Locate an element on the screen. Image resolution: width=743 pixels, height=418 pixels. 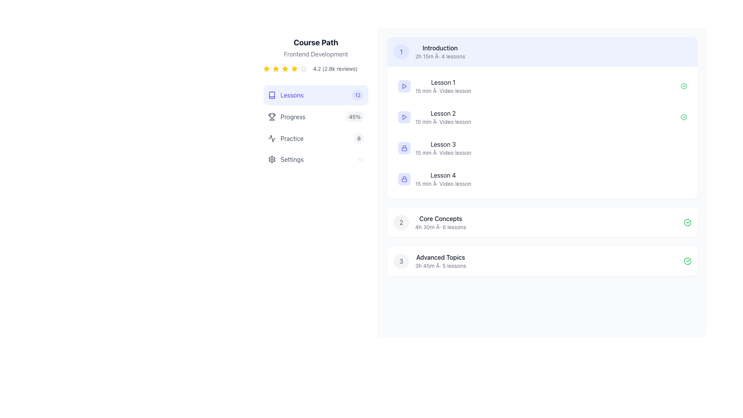
the static text element that summarizes the duration and count of lessons in the 'Advanced Topics' module, located directly below the section title is located at coordinates (440, 265).